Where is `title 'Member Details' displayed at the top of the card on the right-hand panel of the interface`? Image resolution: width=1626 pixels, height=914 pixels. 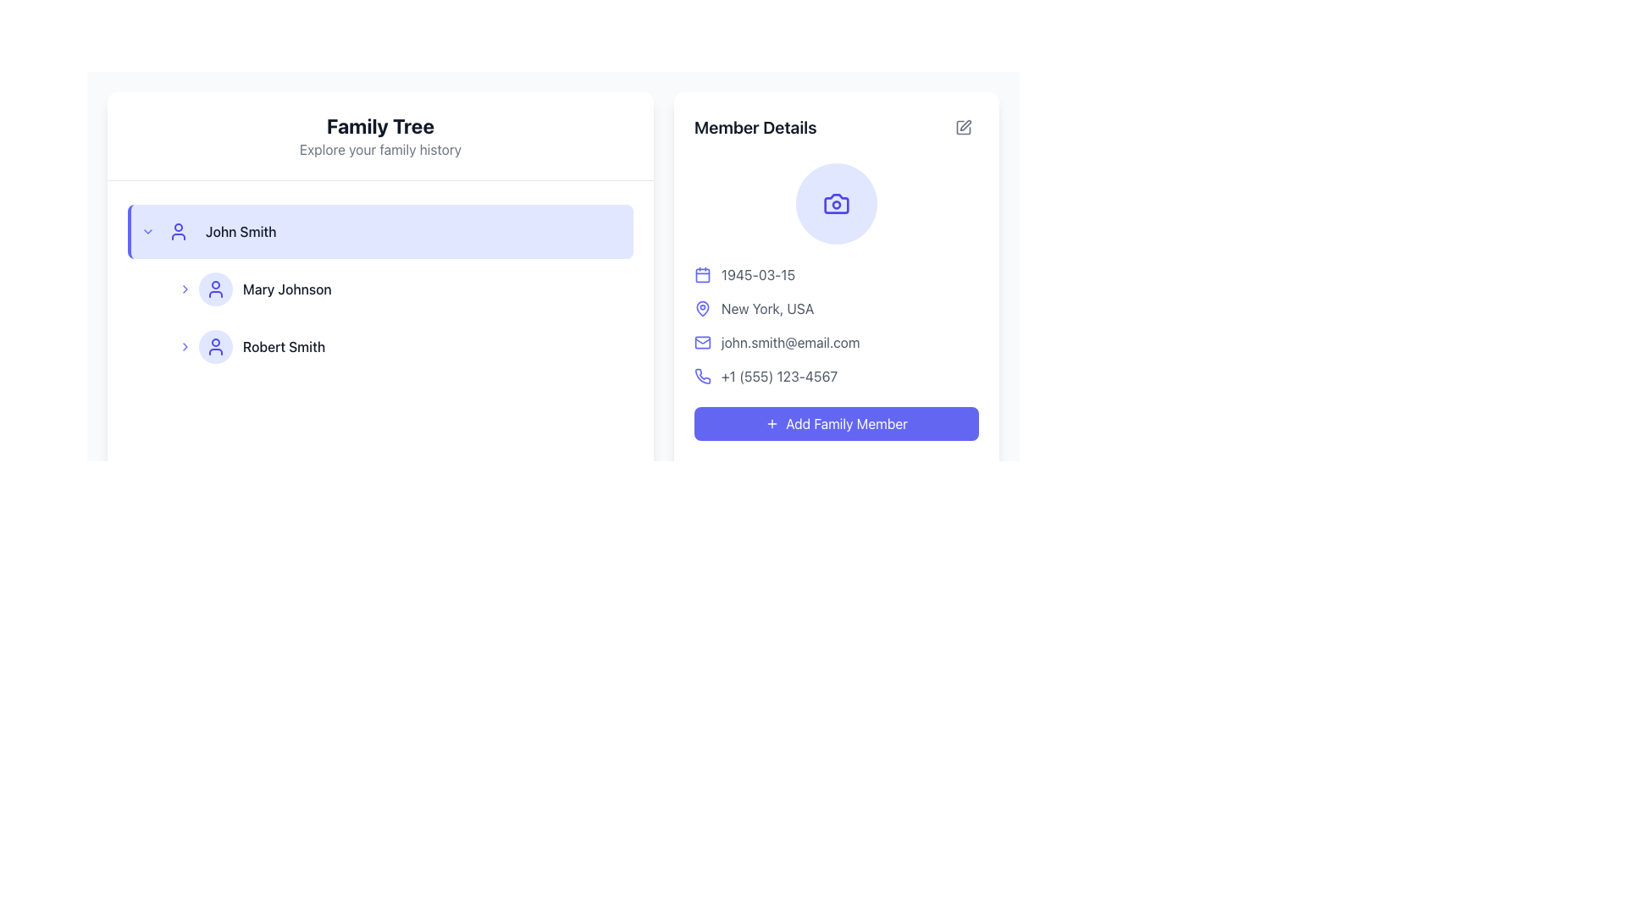
title 'Member Details' displayed at the top of the card on the right-hand panel of the interface is located at coordinates (837, 126).